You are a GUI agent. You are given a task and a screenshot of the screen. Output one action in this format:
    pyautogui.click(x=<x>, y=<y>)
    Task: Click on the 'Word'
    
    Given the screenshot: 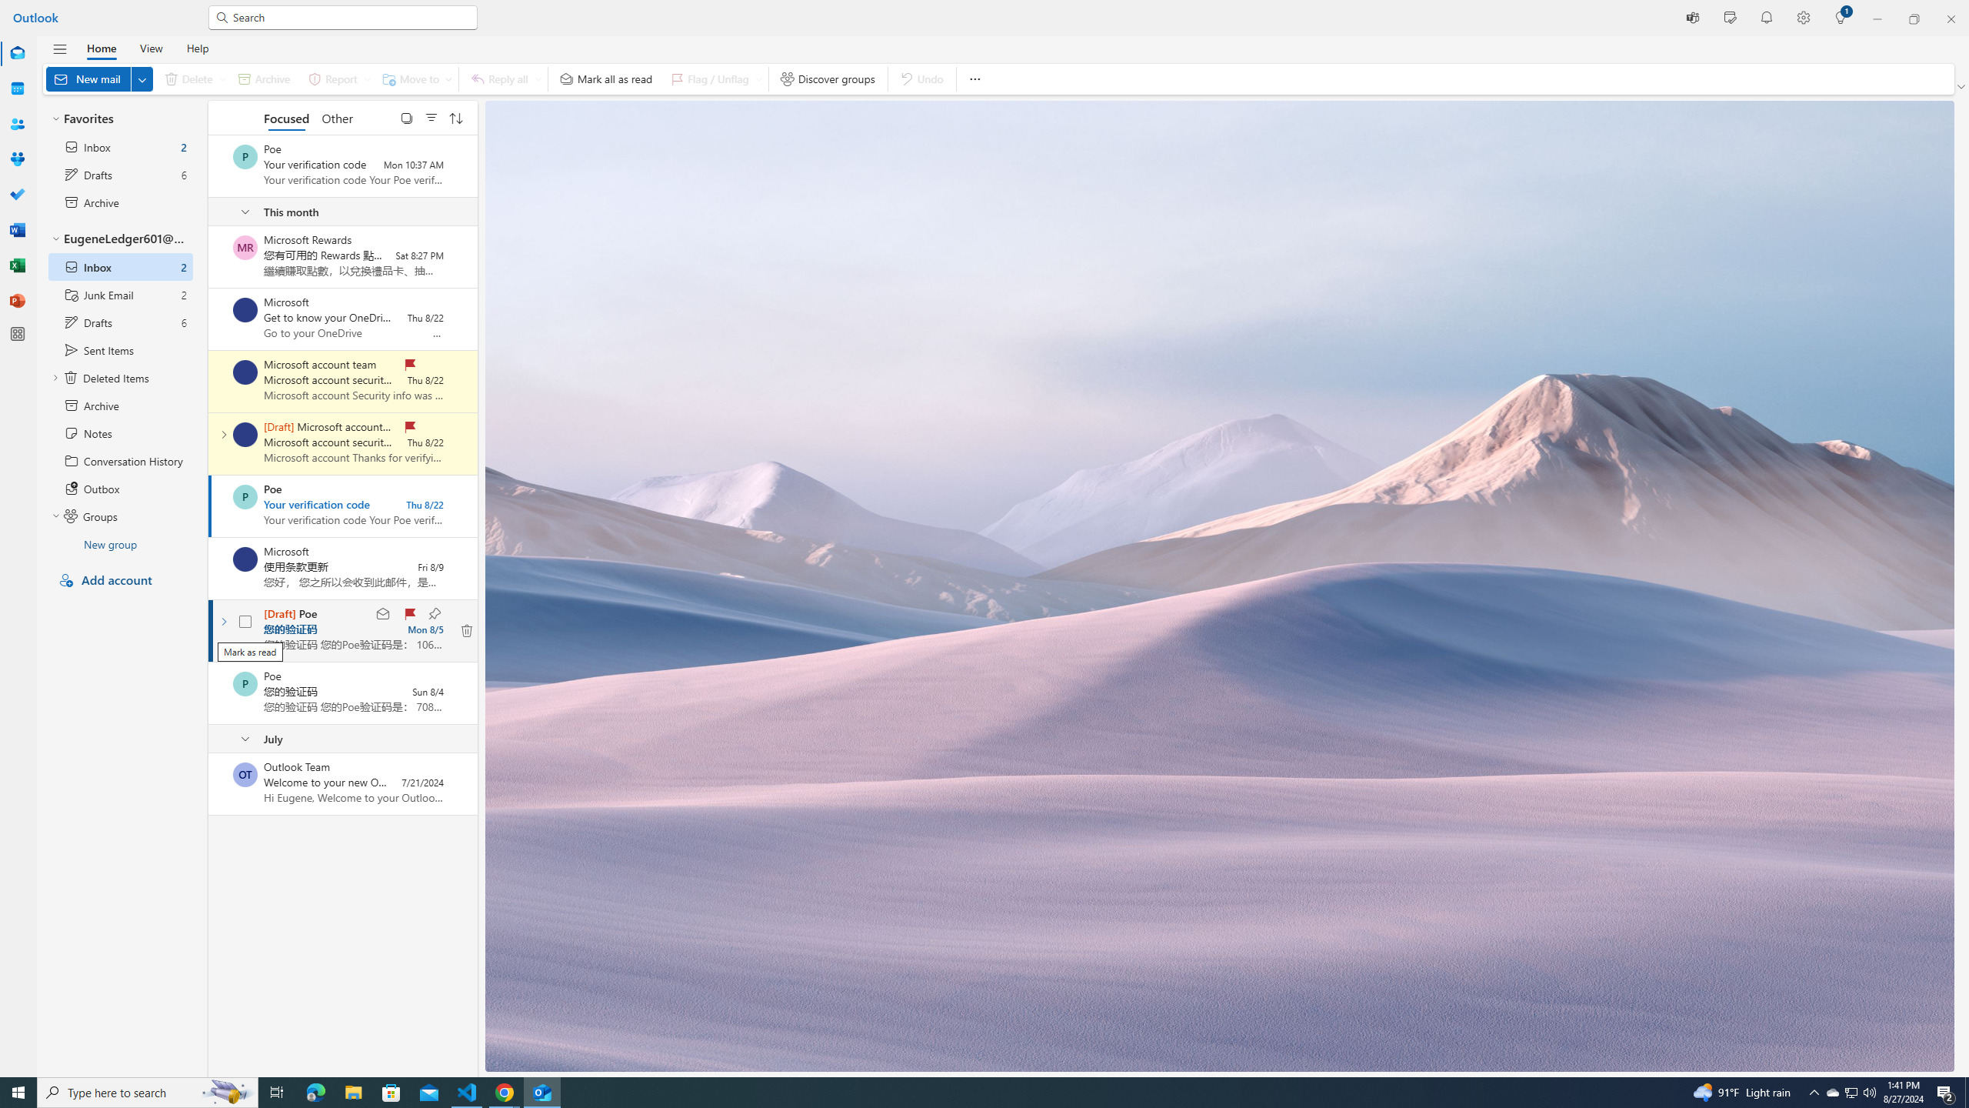 What is the action you would take?
    pyautogui.click(x=18, y=229)
    